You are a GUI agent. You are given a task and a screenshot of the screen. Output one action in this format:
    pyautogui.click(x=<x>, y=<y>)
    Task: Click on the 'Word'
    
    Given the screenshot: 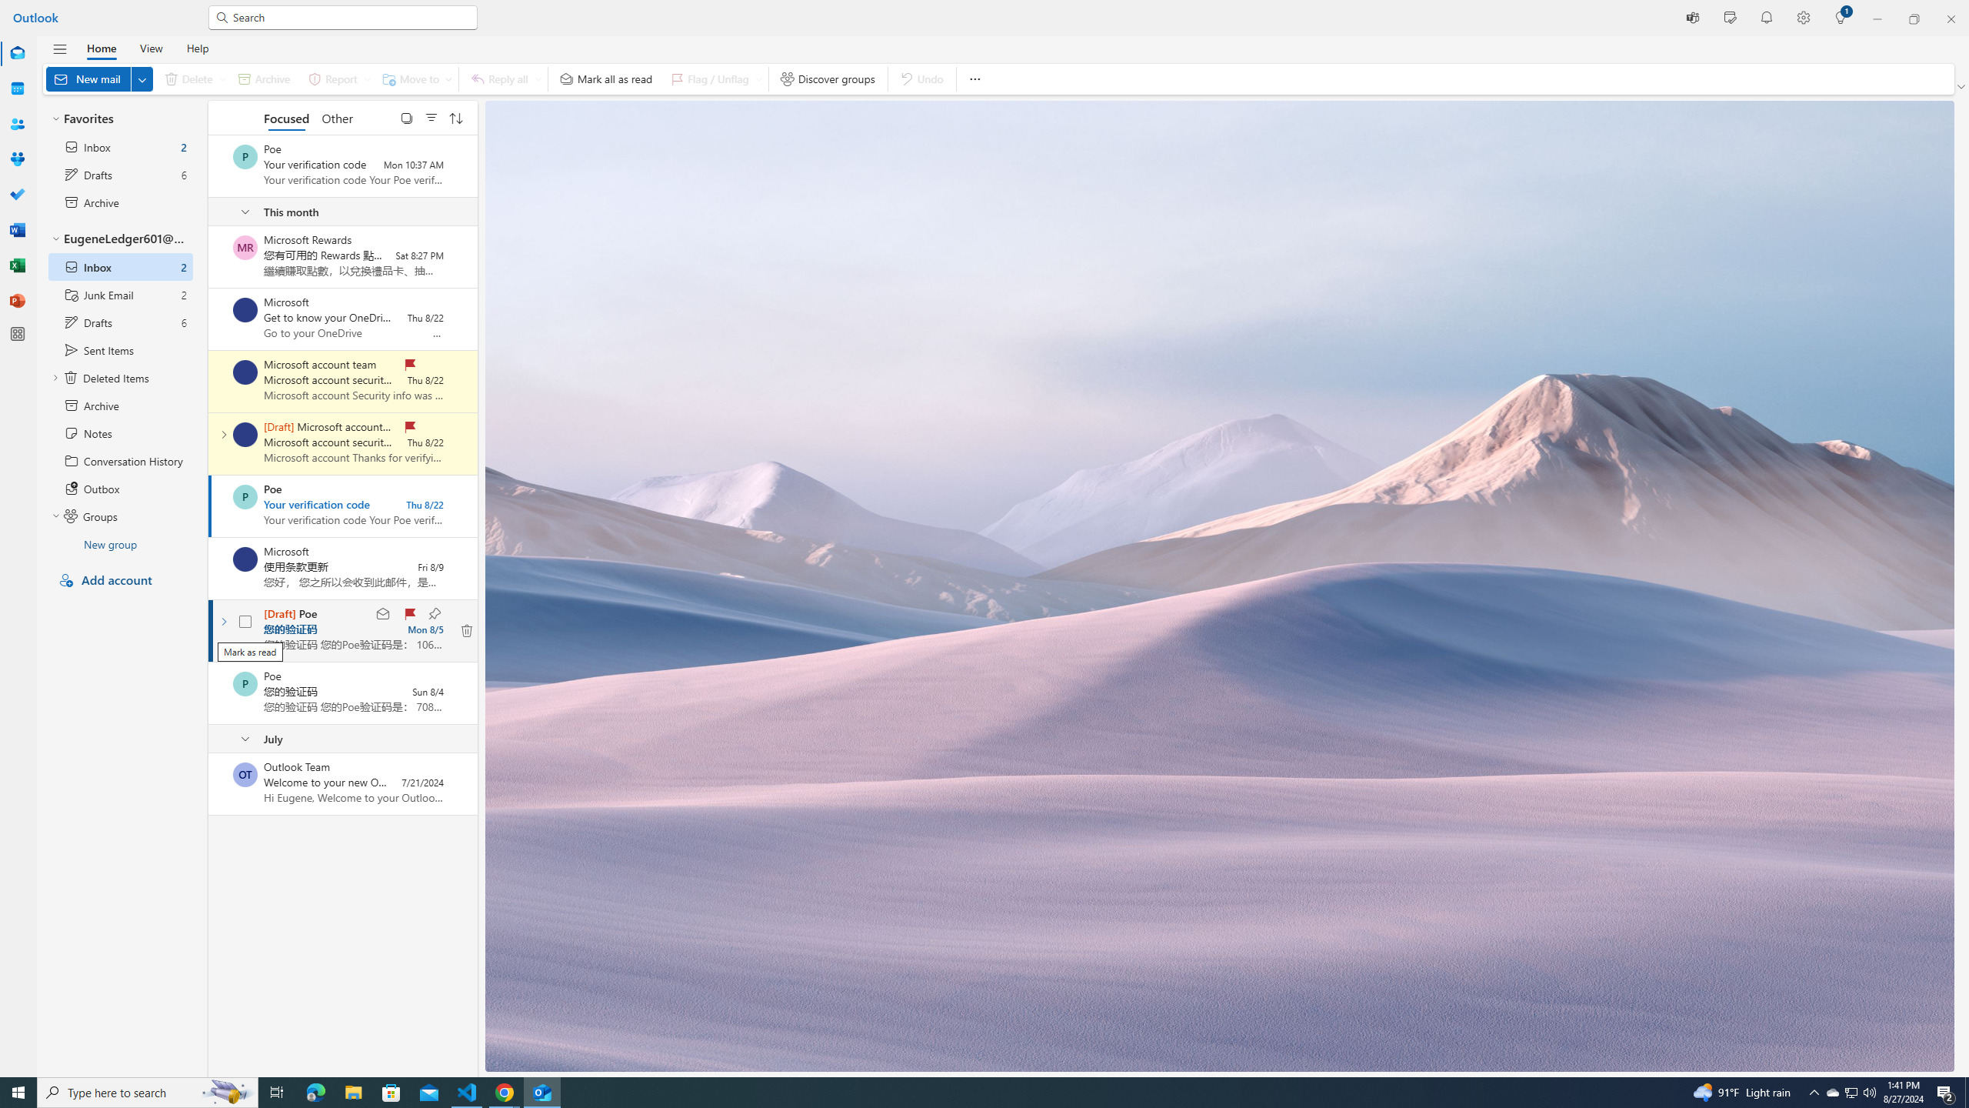 What is the action you would take?
    pyautogui.click(x=18, y=229)
    